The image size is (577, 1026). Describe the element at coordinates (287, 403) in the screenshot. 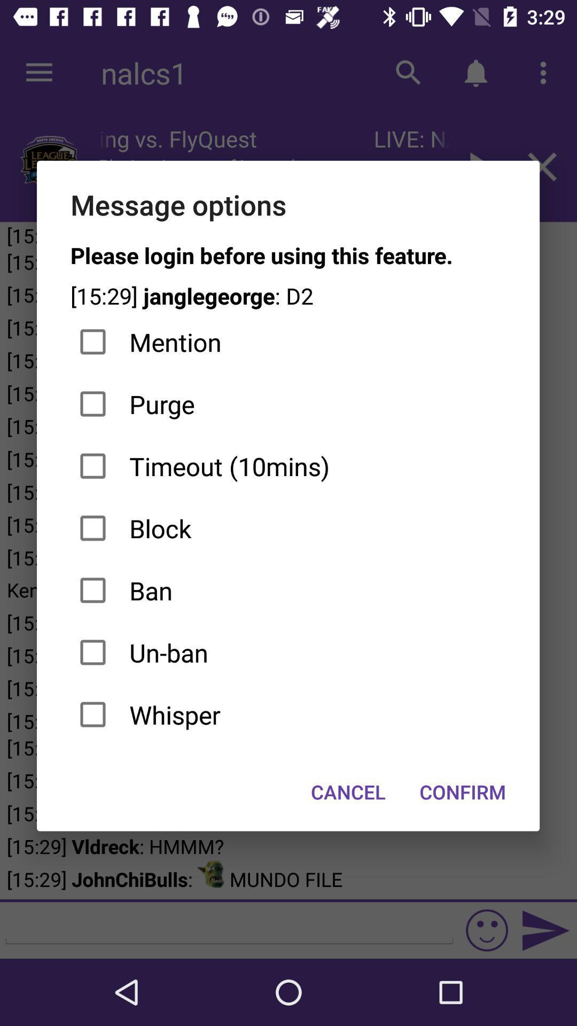

I see `the checkbox above timeout (10mins) icon` at that location.